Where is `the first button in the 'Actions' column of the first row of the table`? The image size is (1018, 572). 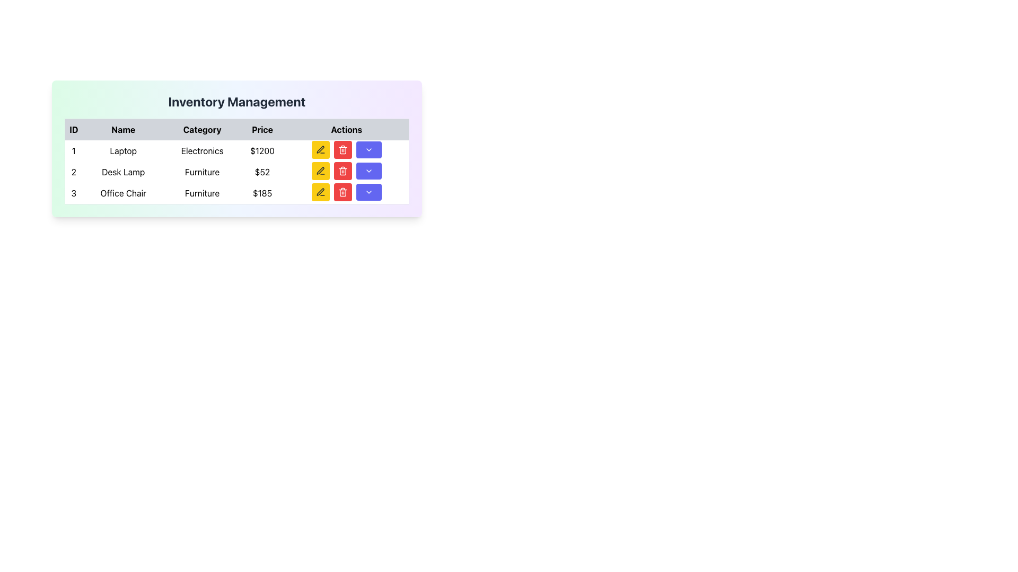
the first button in the 'Actions' column of the first row of the table is located at coordinates (320, 149).